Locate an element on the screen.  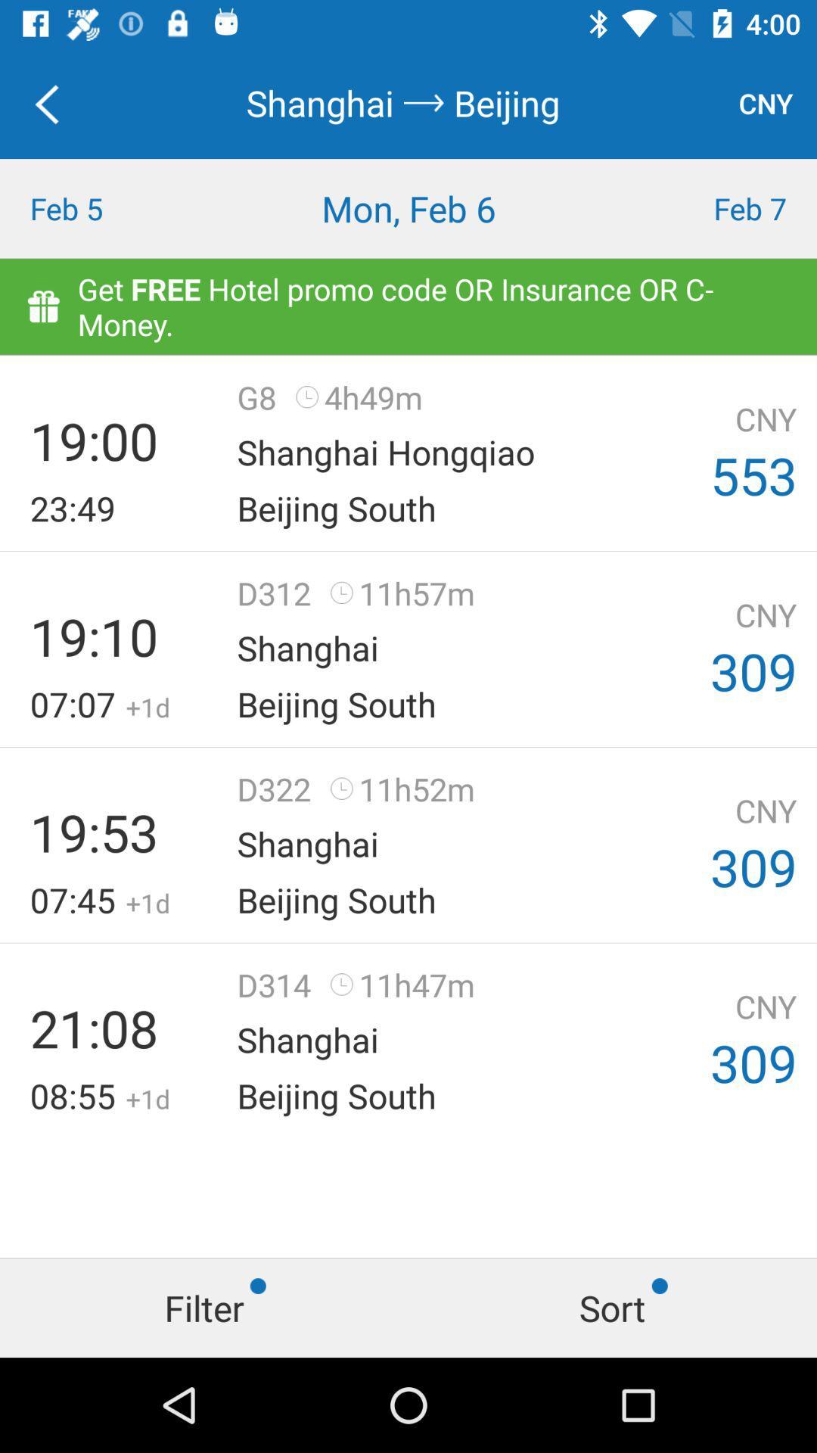
the icon to the right of the feb 5 is located at coordinates (408, 207).